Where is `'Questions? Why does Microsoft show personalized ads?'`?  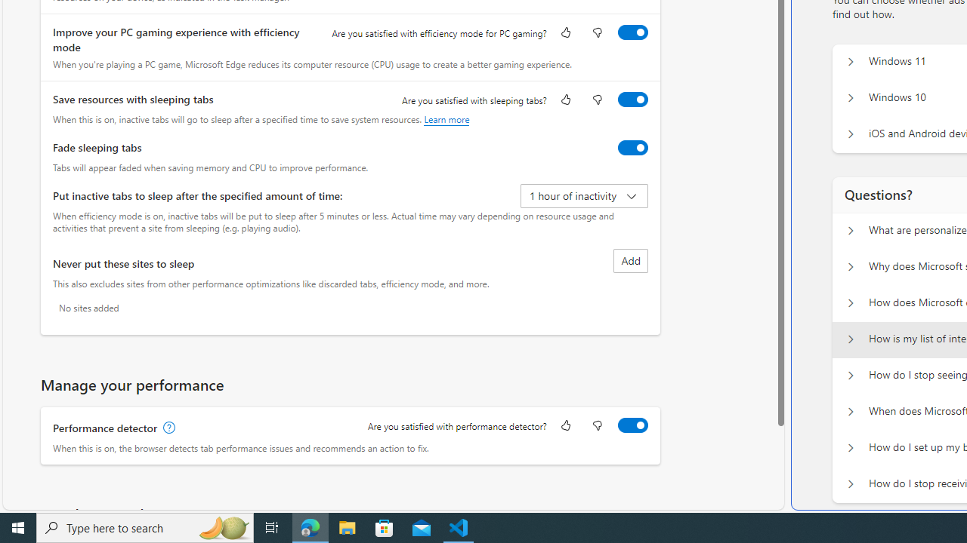
'Questions? Why does Microsoft show personalized ads?' is located at coordinates (850, 266).